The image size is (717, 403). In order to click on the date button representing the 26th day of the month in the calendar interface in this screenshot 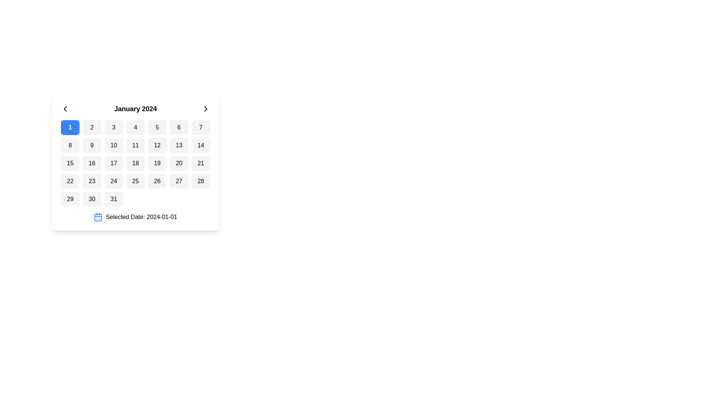, I will do `click(157, 181)`.